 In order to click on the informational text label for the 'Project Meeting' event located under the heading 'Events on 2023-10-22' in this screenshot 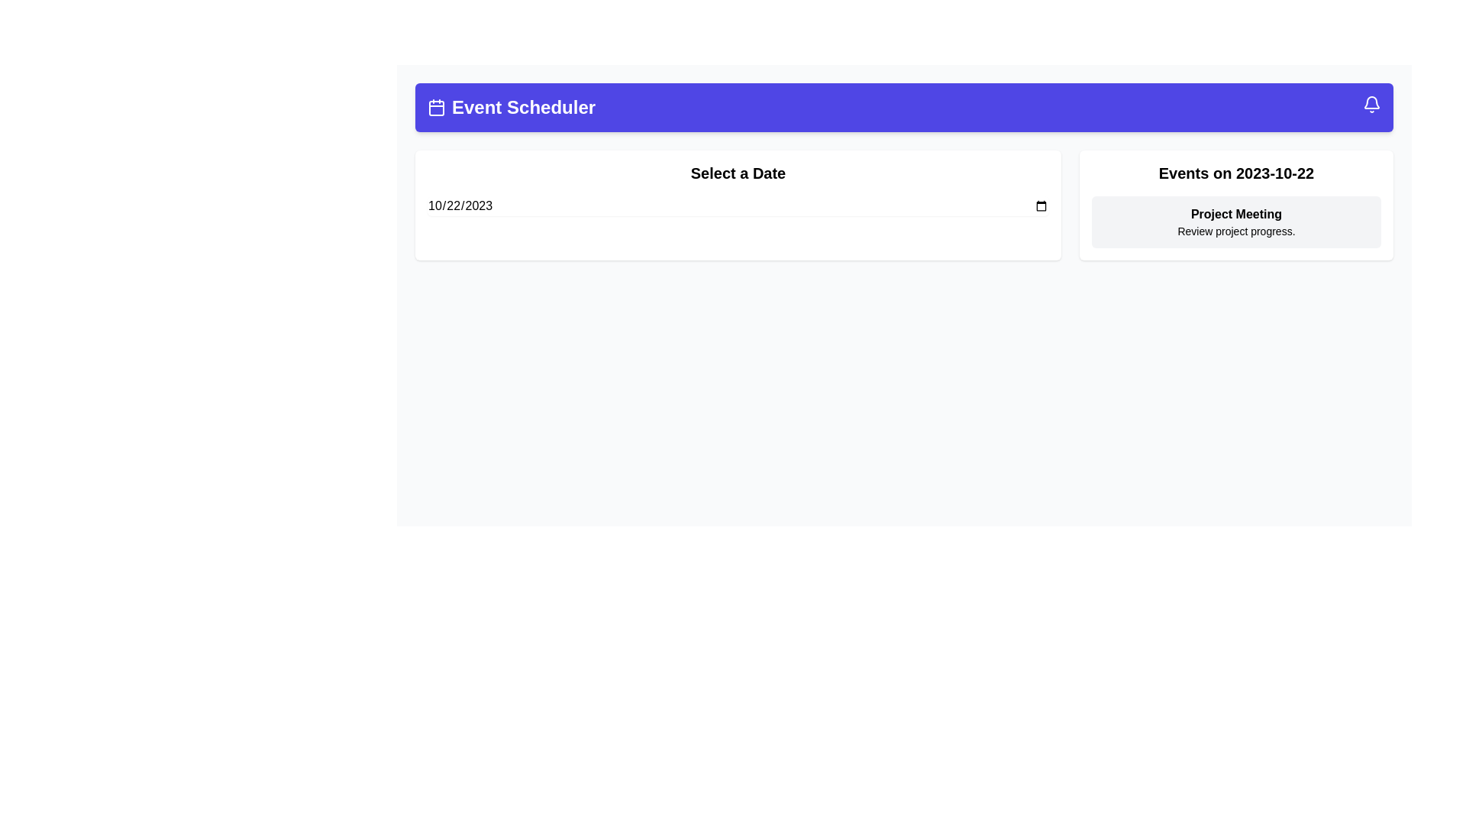, I will do `click(1236, 231)`.